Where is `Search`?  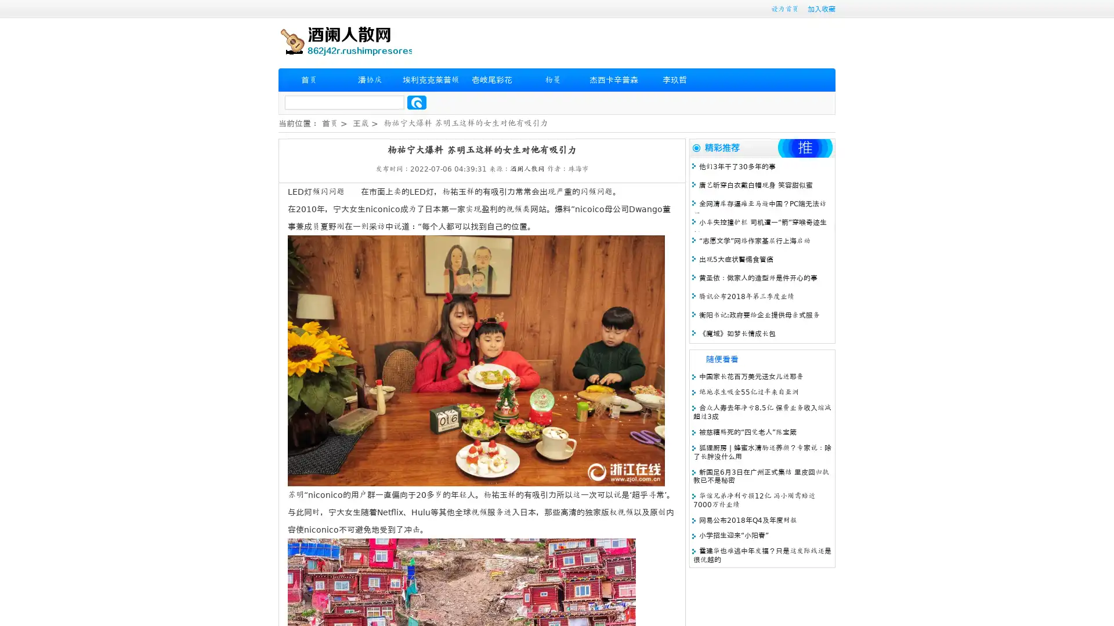 Search is located at coordinates (417, 102).